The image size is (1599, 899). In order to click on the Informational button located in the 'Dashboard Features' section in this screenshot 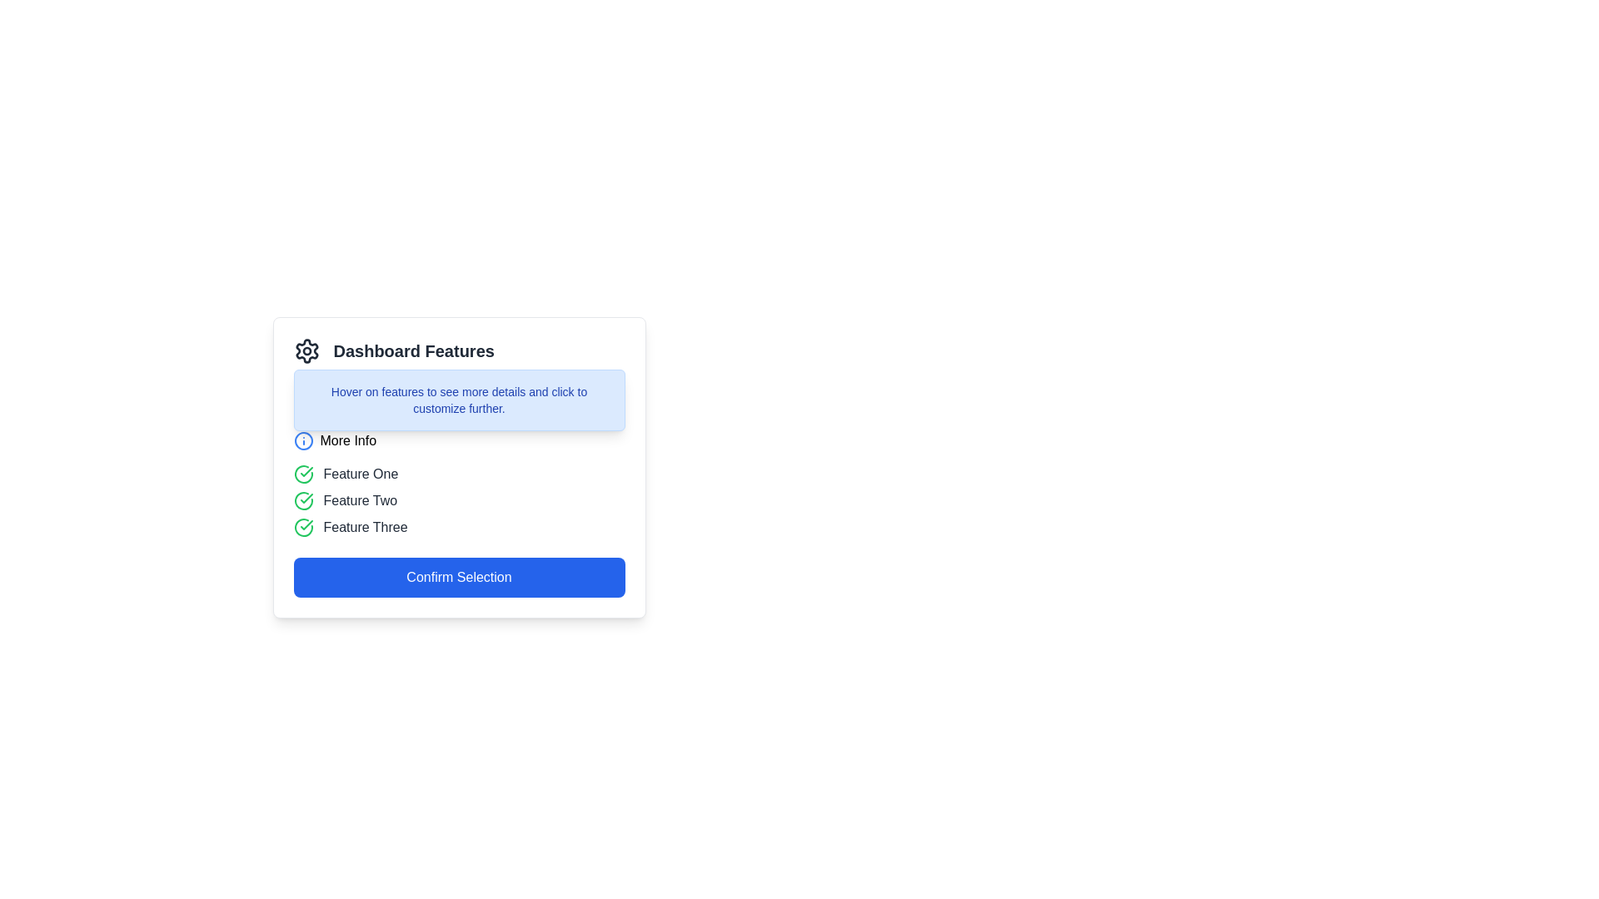, I will do `click(459, 440)`.